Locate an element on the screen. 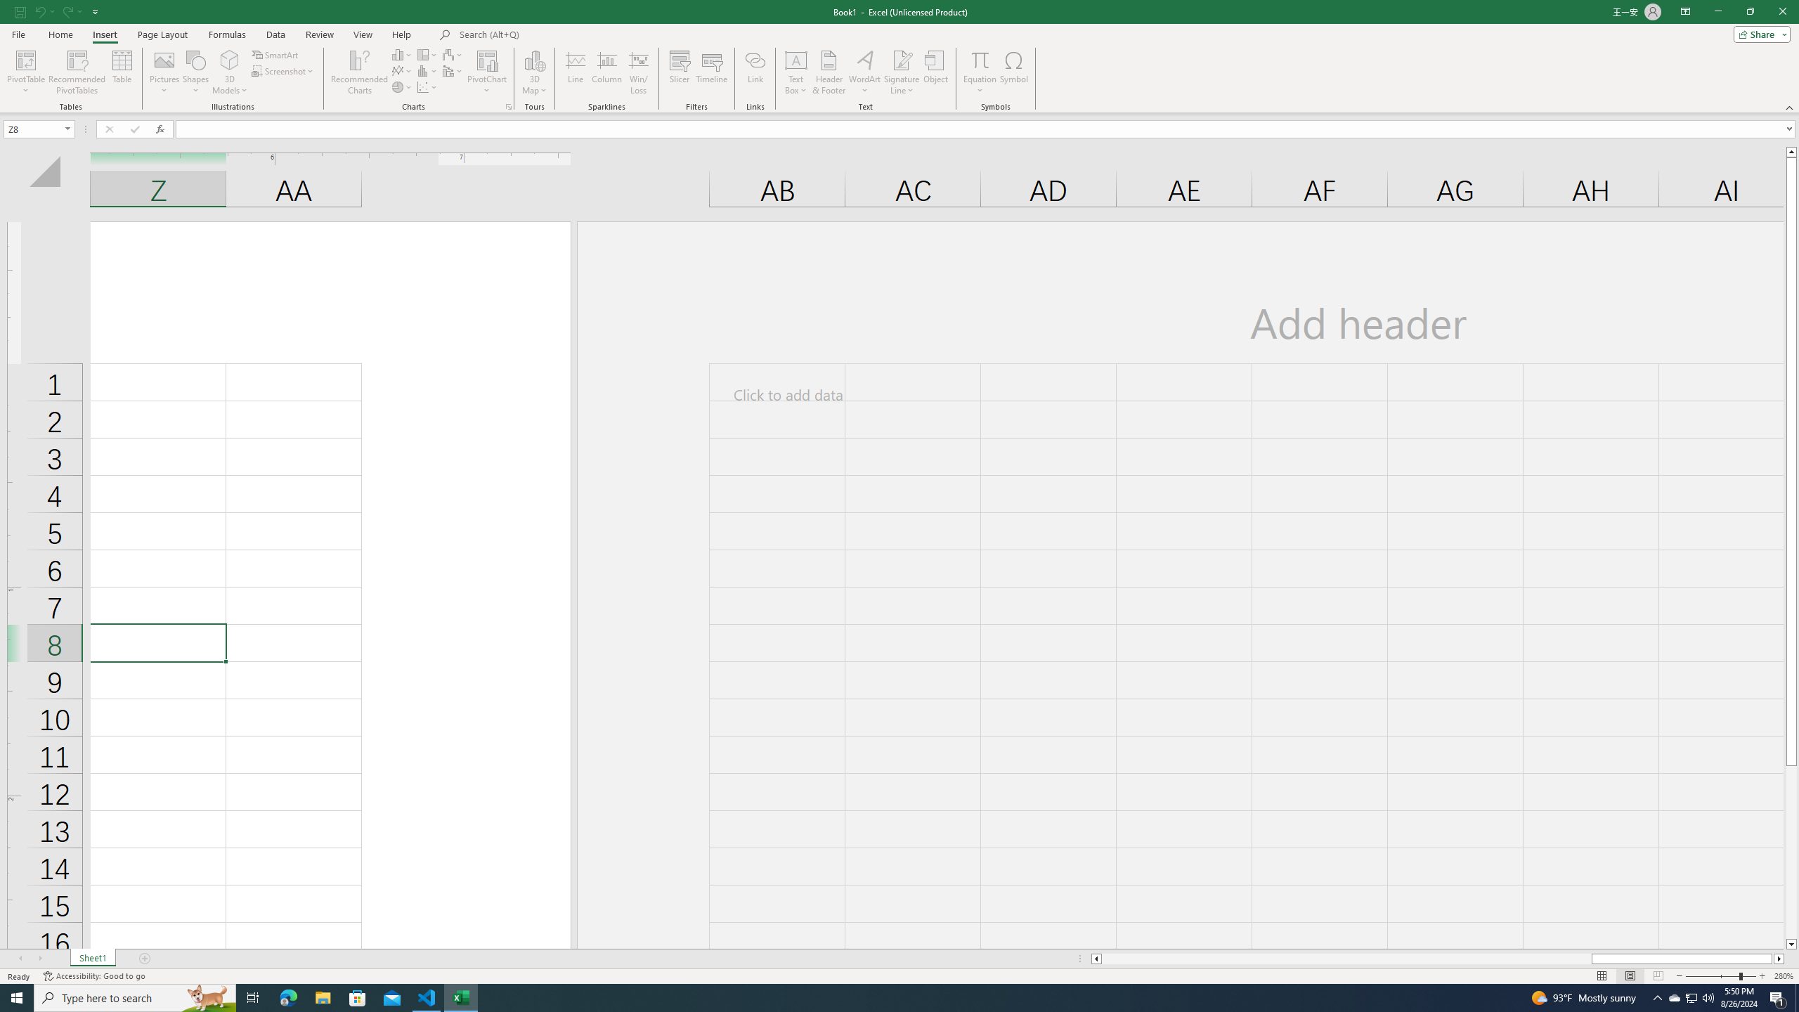 The height and width of the screenshot is (1012, 1799). 'SmartArt...' is located at coordinates (275, 54).